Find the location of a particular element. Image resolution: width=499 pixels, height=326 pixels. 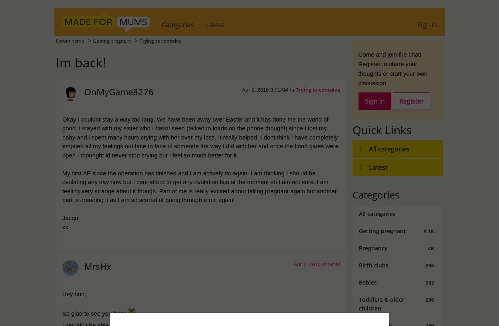

'in' is located at coordinates (292, 89).